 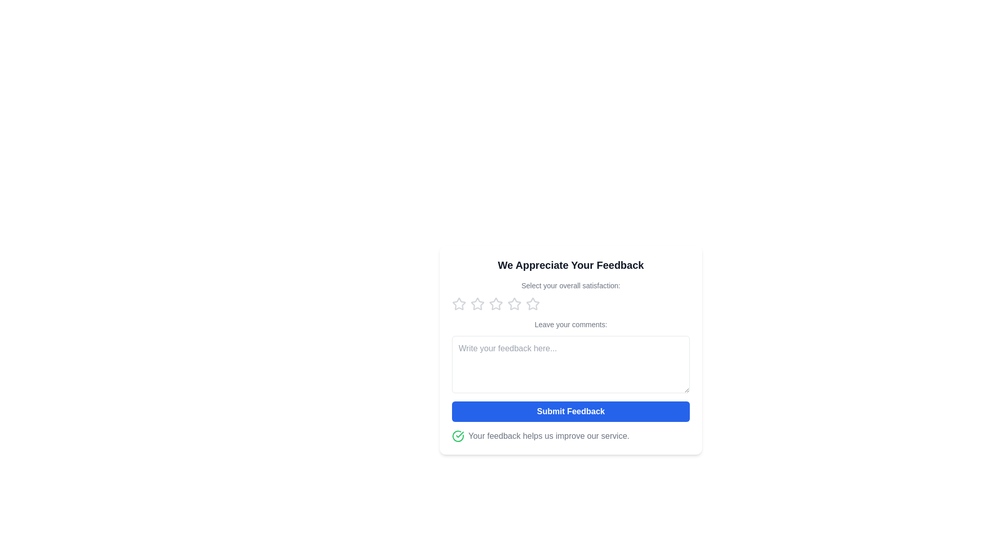 What do you see at coordinates (457, 436) in the screenshot?
I see `the vector graphic circle that visually emphasizes confirmation or success, located near the lower-left corner of the feedback box beside the text 'Your feedback helps us.'` at bounding box center [457, 436].